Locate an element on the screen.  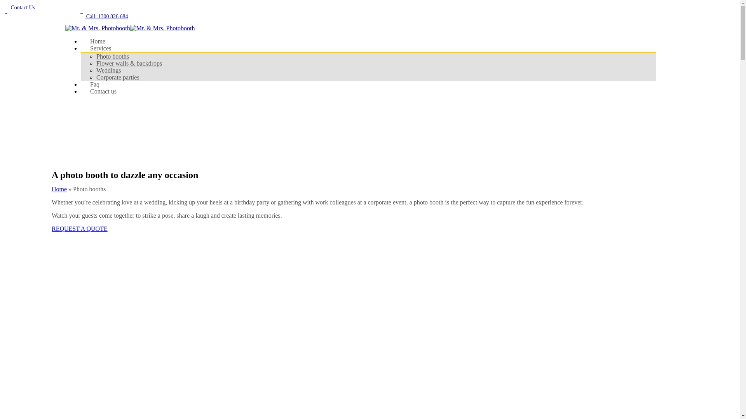
'REQUEST A QUOTE' is located at coordinates (80, 228).